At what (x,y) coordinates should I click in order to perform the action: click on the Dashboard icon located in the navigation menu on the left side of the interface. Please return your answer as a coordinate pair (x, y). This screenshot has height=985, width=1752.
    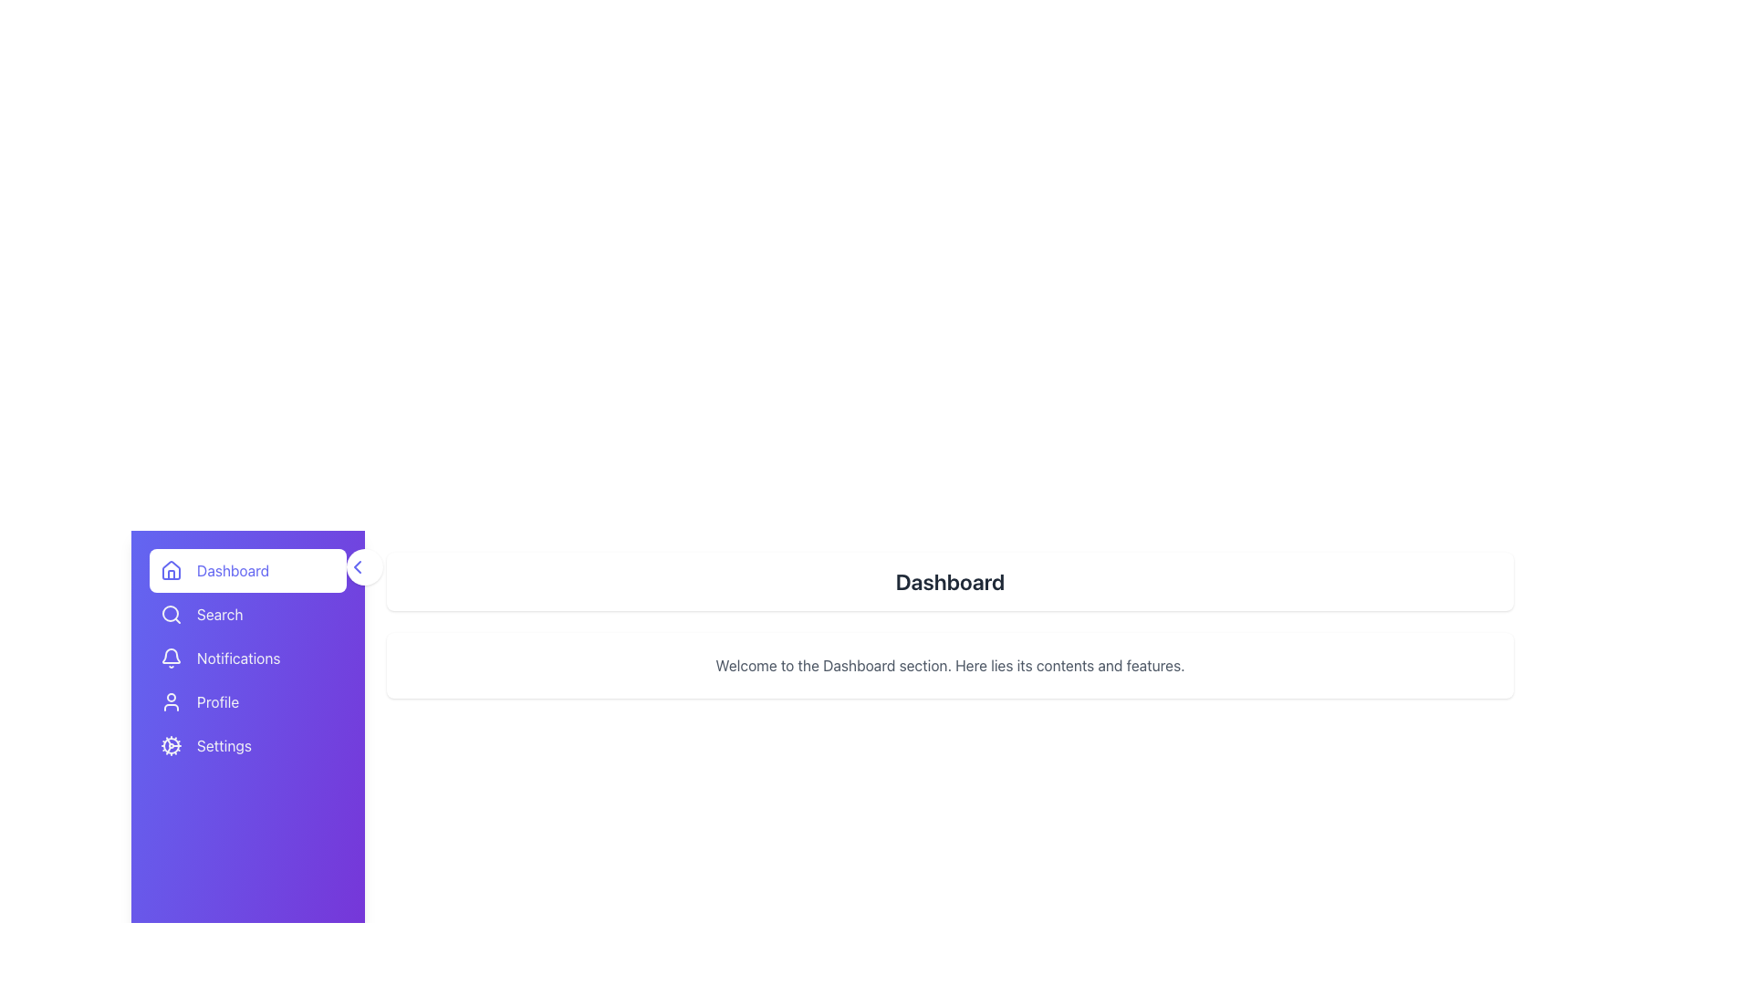
    Looking at the image, I should click on (171, 568).